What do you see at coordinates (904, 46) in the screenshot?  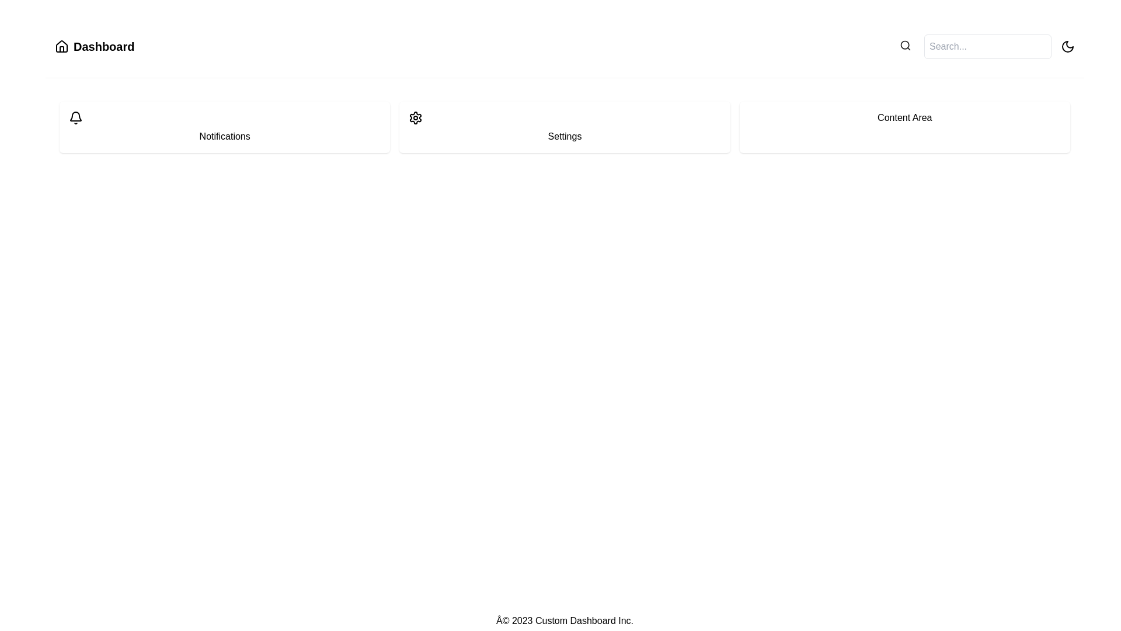 I see `the search icon located at the top-right corner of the header bar to initiate a search action` at bounding box center [904, 46].